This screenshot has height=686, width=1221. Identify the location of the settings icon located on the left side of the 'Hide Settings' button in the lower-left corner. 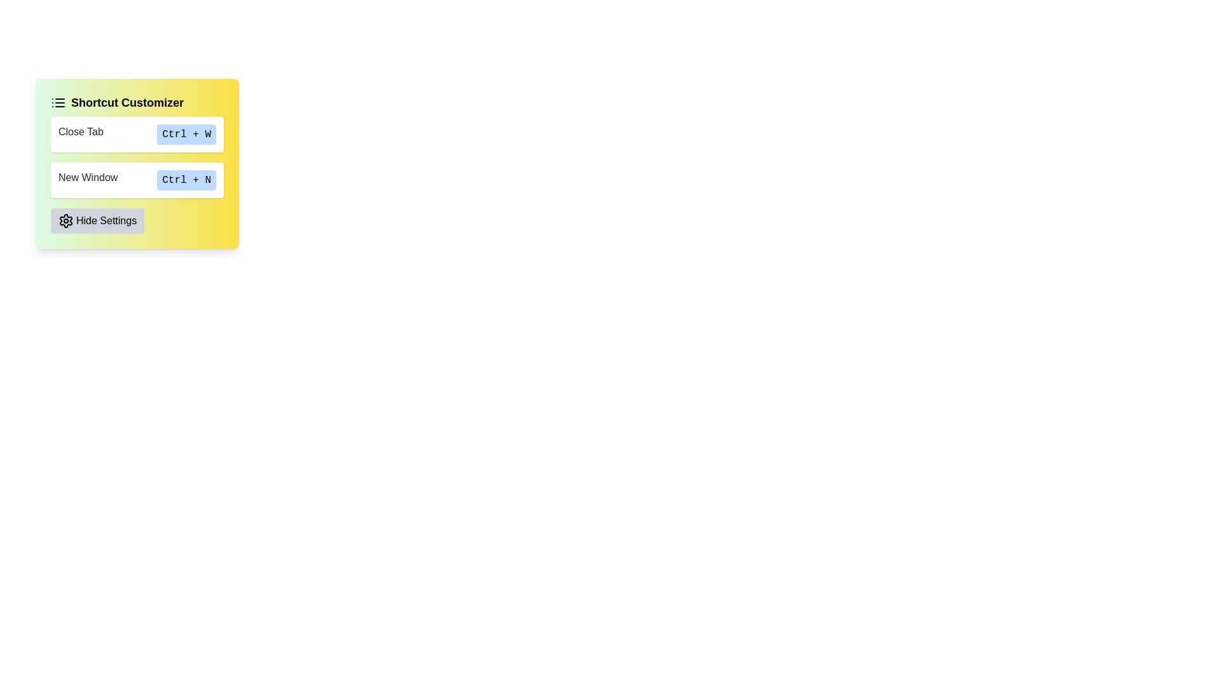
(66, 220).